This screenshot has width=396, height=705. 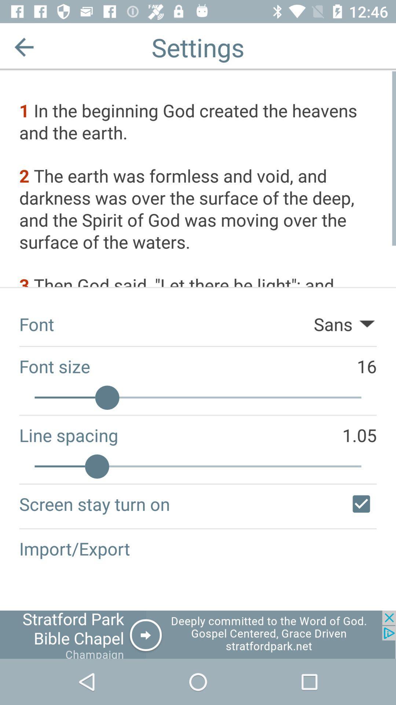 What do you see at coordinates (198, 634) in the screenshot?
I see `see advertisement` at bounding box center [198, 634].